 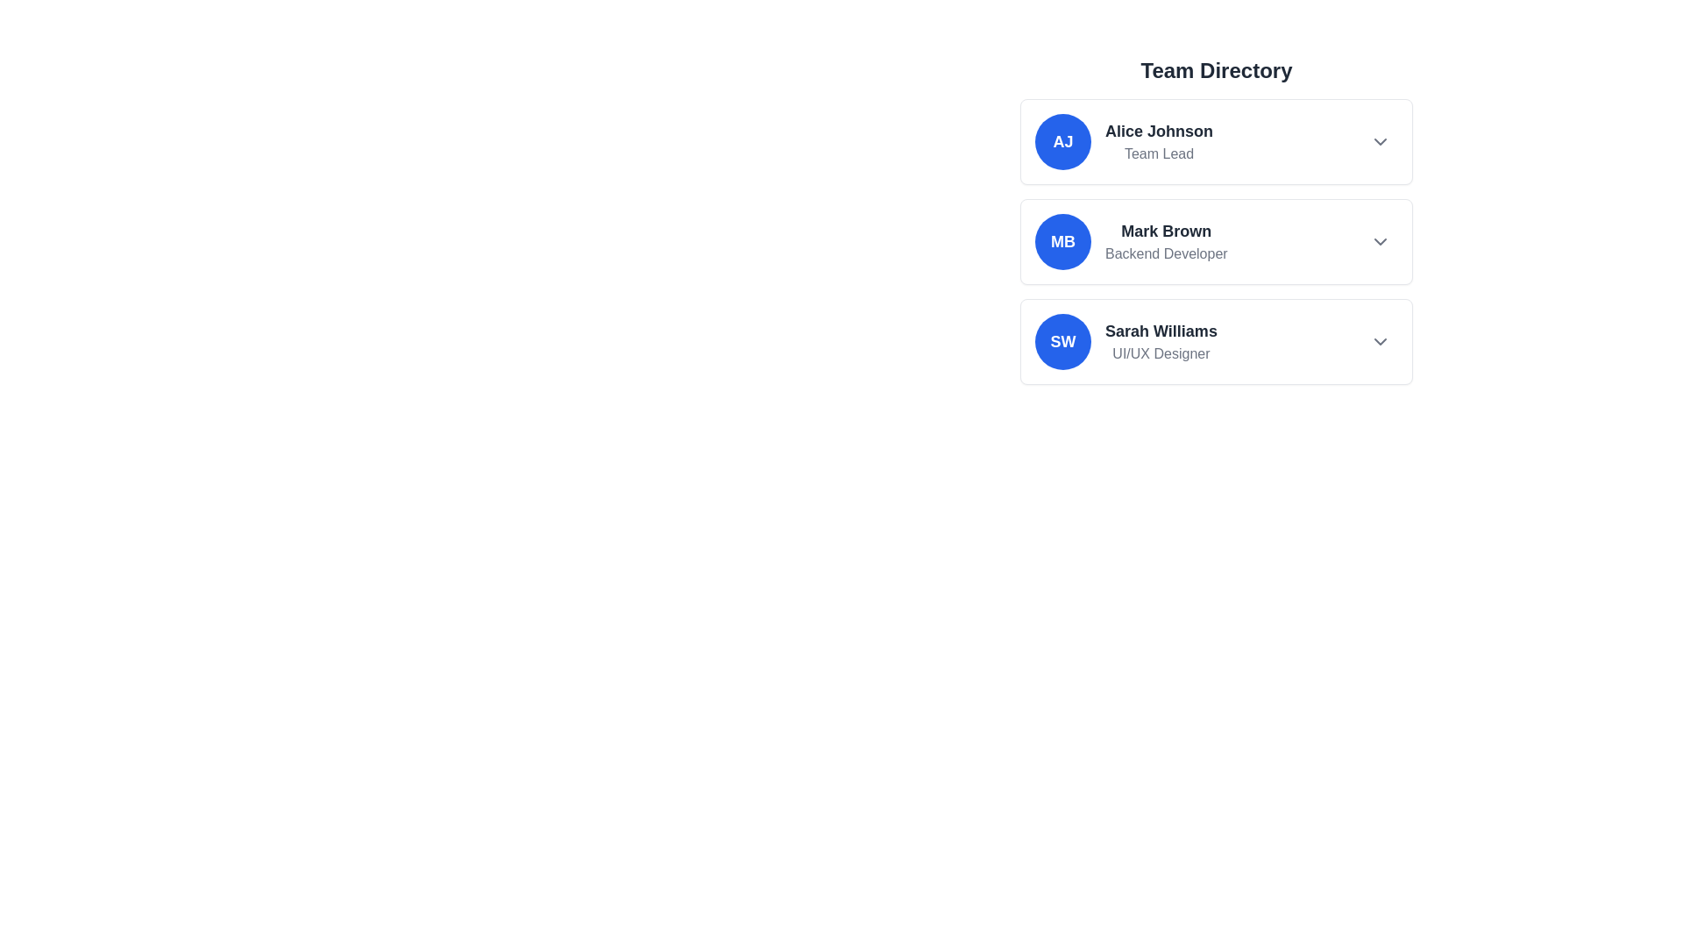 What do you see at coordinates (1215, 219) in the screenshot?
I see `on the profile card representing the second team member in the directory, which displays their initials, name, and role` at bounding box center [1215, 219].